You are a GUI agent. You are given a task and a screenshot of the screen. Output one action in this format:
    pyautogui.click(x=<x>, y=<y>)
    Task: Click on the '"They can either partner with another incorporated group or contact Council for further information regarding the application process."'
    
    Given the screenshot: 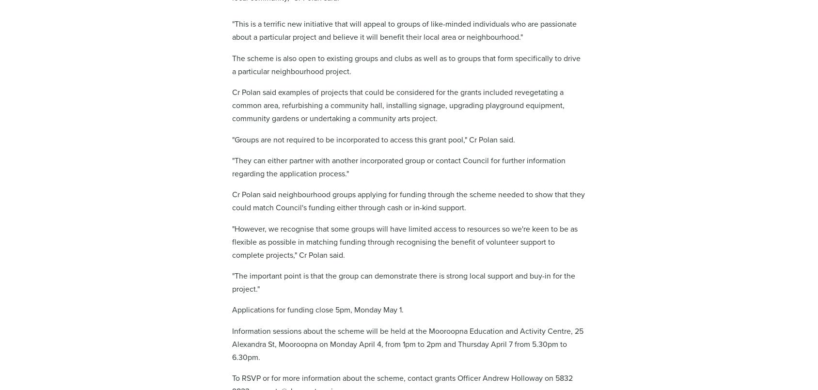 What is the action you would take?
    pyautogui.click(x=398, y=166)
    